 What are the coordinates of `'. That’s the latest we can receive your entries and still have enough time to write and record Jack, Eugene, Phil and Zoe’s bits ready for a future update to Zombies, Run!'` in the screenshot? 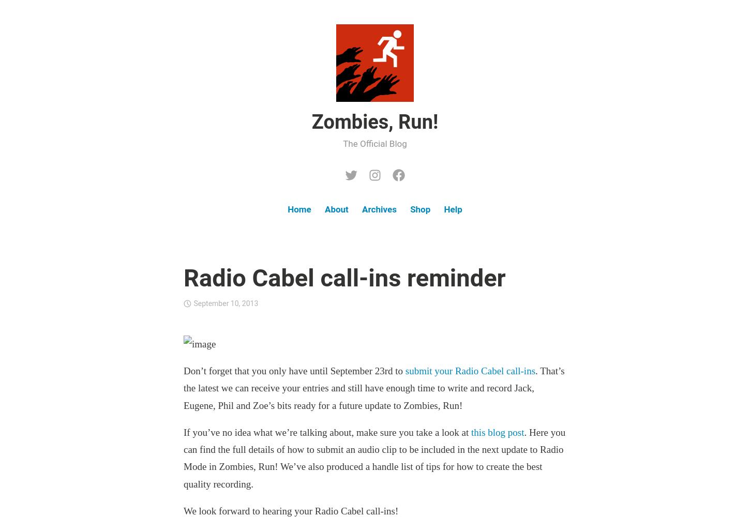 It's located at (183, 388).